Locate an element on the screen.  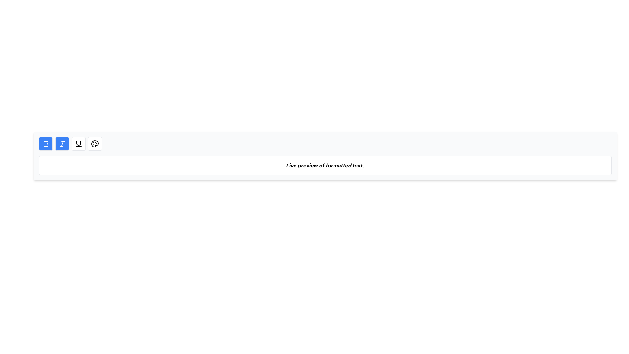
the underline formatting SVG Icon Button located in the formatting toolbar at the top of the text editor is located at coordinates (79, 144).